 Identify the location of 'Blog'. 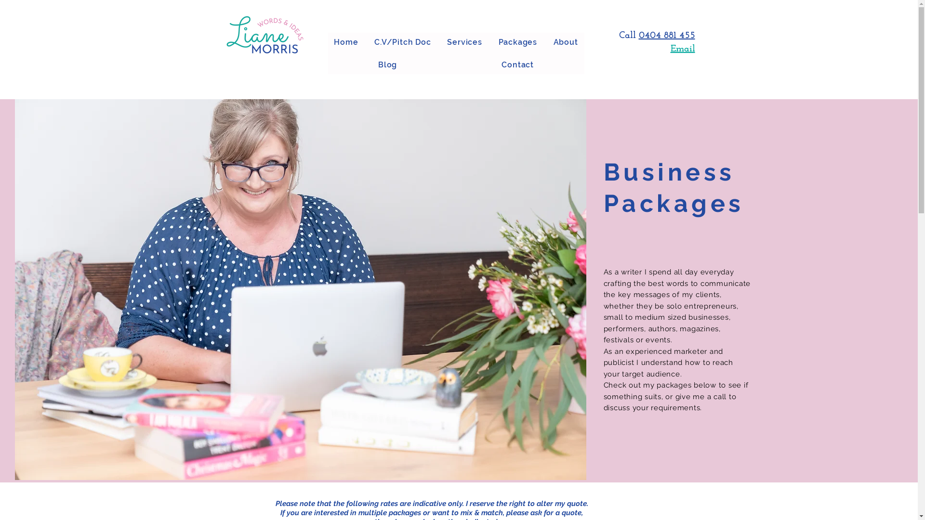
(387, 65).